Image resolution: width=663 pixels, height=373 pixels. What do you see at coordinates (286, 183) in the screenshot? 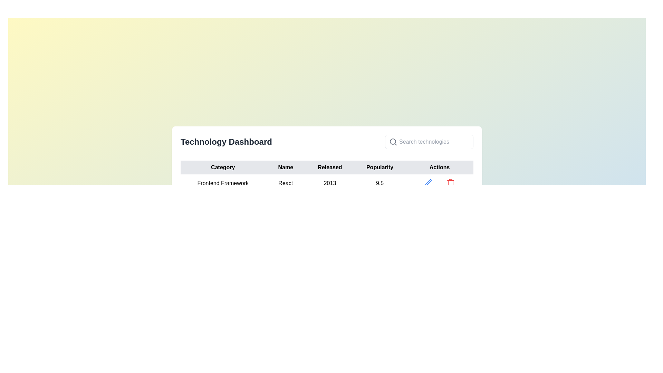
I see `the text label displaying 'React' in the second column of the Technology Dashboard table, which is adjacent to 'Frontend Framework' and '2013'` at bounding box center [286, 183].